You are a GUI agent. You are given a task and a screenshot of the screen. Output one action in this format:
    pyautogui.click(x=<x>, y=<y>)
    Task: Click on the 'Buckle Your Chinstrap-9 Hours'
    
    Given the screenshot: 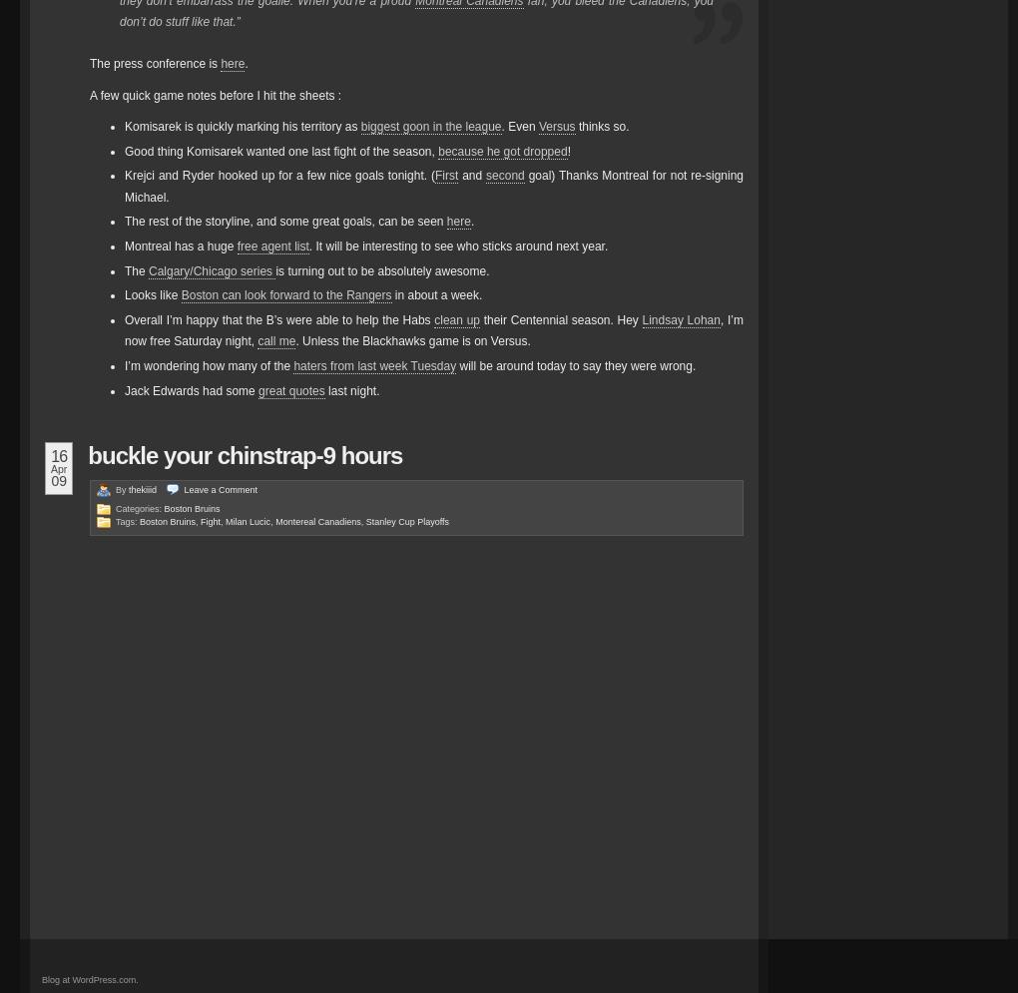 What is the action you would take?
    pyautogui.click(x=245, y=454)
    